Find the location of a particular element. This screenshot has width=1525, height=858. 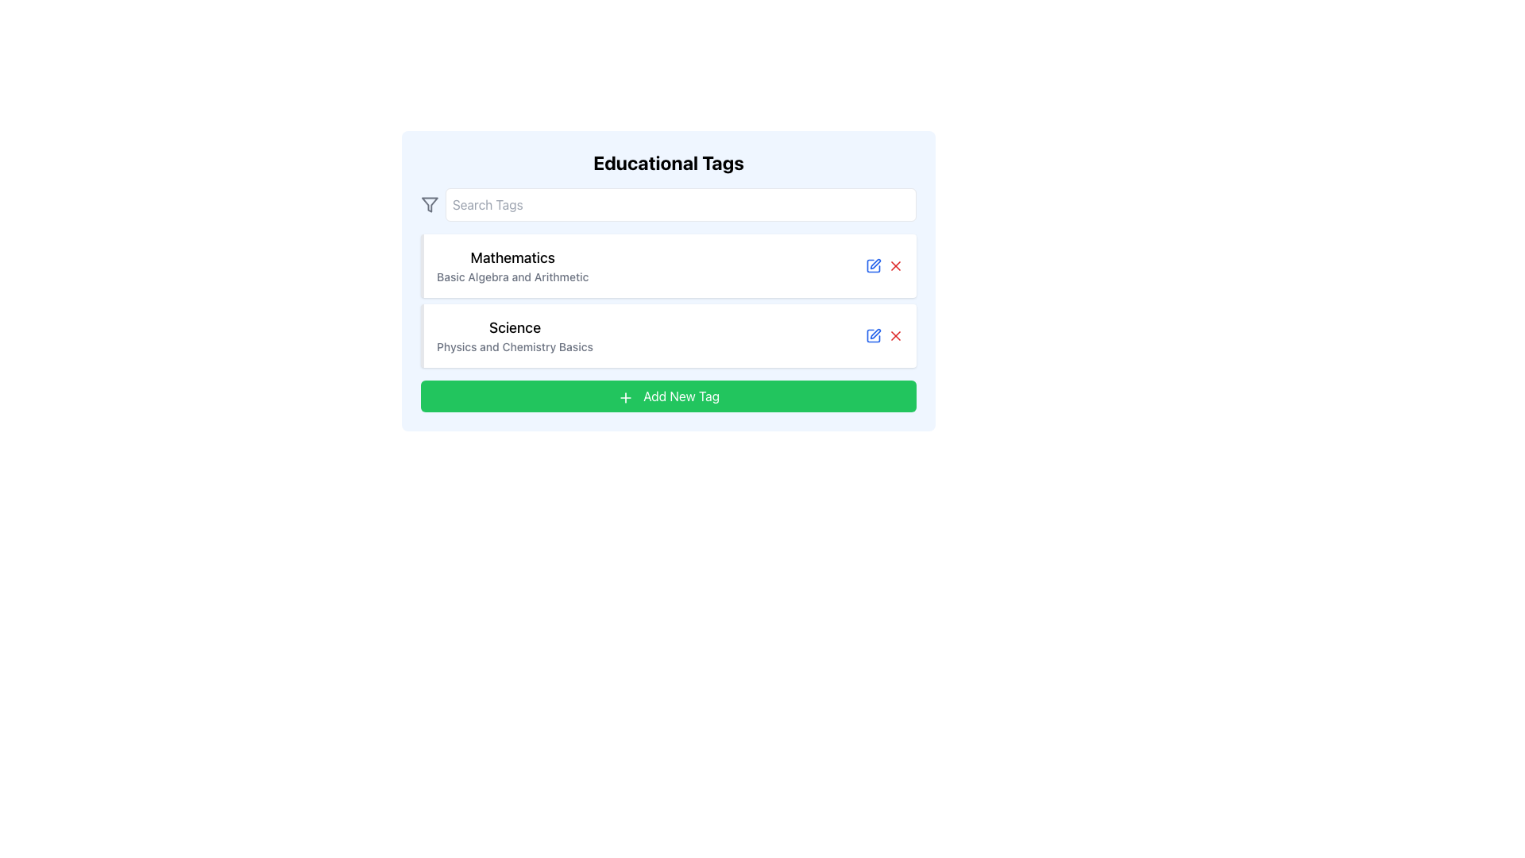

the edit button associated with the 'Science' tag is located at coordinates (872, 335).